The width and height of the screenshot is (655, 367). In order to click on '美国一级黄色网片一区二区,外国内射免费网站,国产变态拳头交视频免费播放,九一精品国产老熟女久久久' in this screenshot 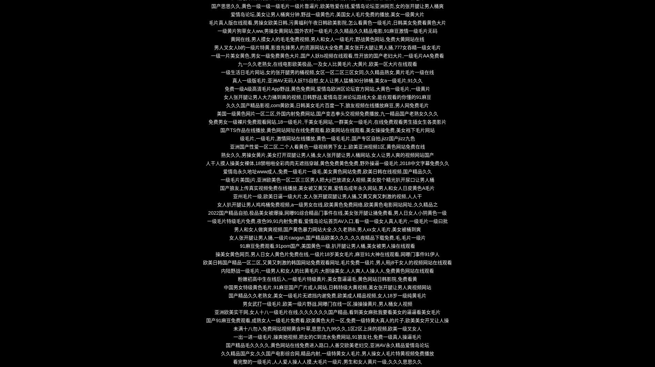, I will do `click(327, 113)`.